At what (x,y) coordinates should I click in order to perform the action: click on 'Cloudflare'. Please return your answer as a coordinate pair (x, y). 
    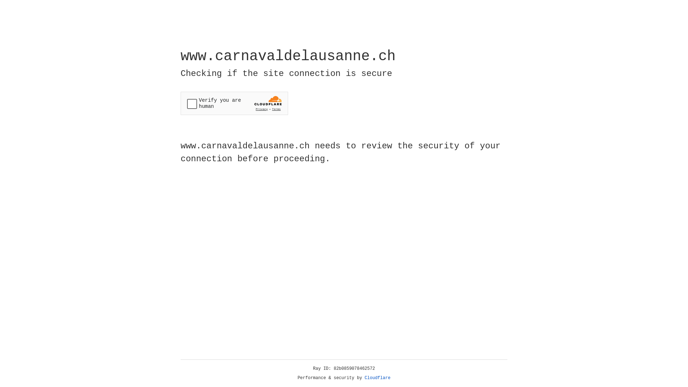
    Looking at the image, I should click on (377, 378).